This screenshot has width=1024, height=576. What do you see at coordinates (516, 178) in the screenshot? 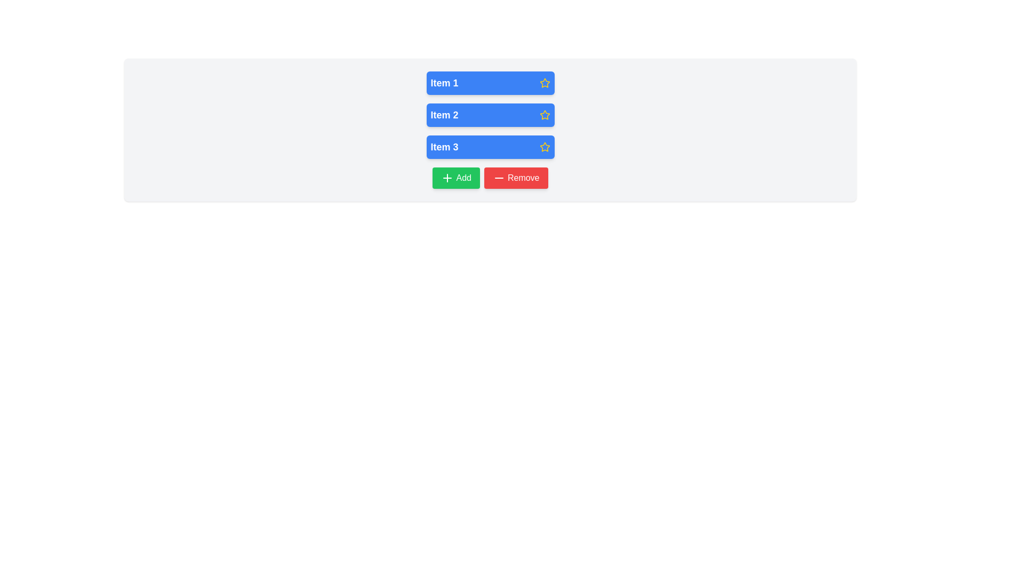
I see `the removal button located to the right of the green 'Add' button in the bottom section of the interface` at bounding box center [516, 178].